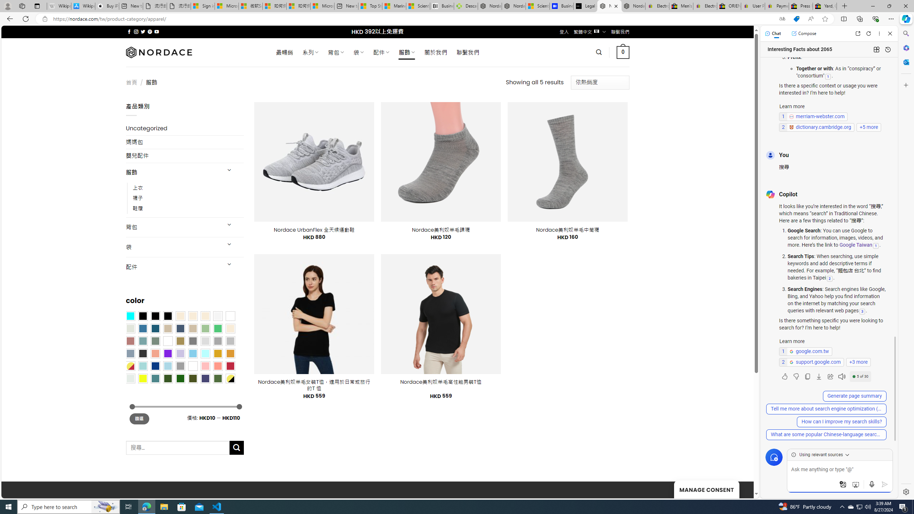 This screenshot has width=914, height=514. Describe the element at coordinates (752, 6) in the screenshot. I see `'User Privacy Notice | eBay'` at that location.